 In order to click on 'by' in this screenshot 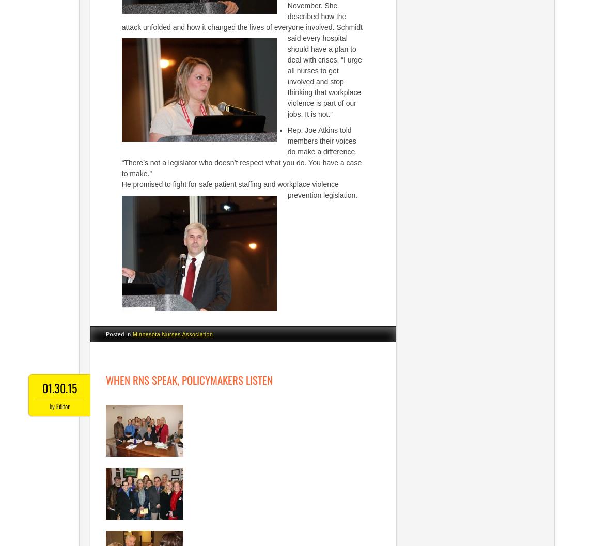, I will do `click(48, 405)`.